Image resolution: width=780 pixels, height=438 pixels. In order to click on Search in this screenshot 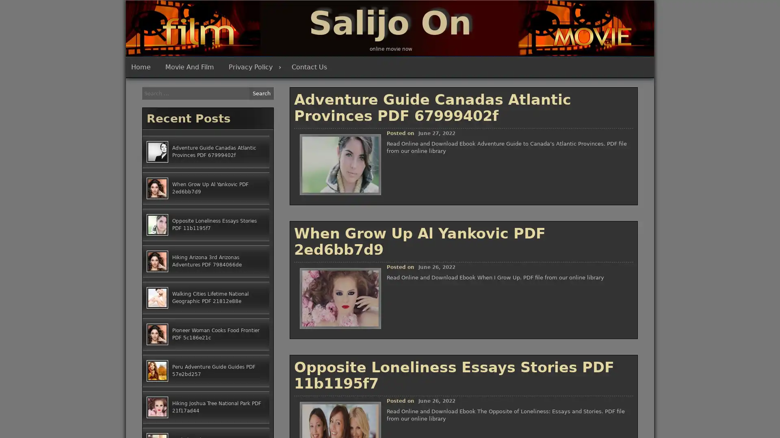, I will do `click(261, 93)`.